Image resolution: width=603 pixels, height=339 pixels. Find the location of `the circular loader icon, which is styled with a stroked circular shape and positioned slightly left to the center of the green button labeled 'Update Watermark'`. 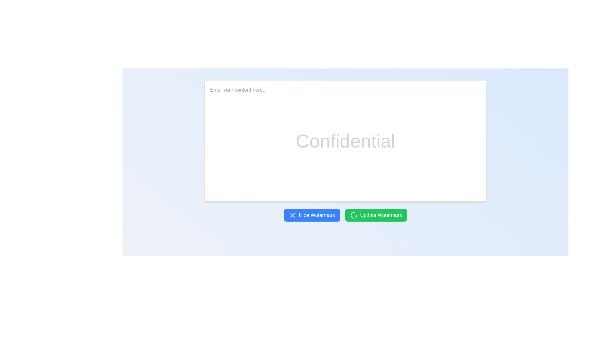

the circular loader icon, which is styled with a stroked circular shape and positioned slightly left to the center of the green button labeled 'Update Watermark' is located at coordinates (354, 215).